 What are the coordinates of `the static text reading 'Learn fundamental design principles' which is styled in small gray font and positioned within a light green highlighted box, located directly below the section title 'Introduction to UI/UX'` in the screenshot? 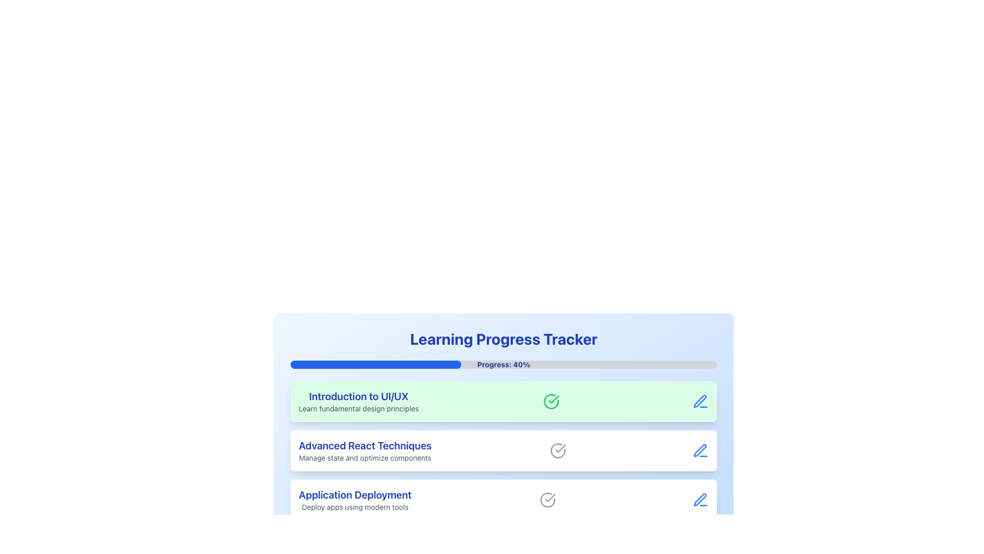 It's located at (359, 408).